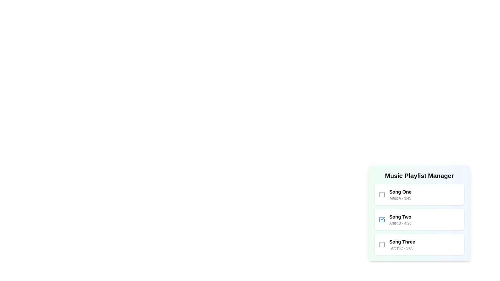  I want to click on the text block displaying song details, including title and artist information, located at the top of the vertical list of cards, so click(400, 195).